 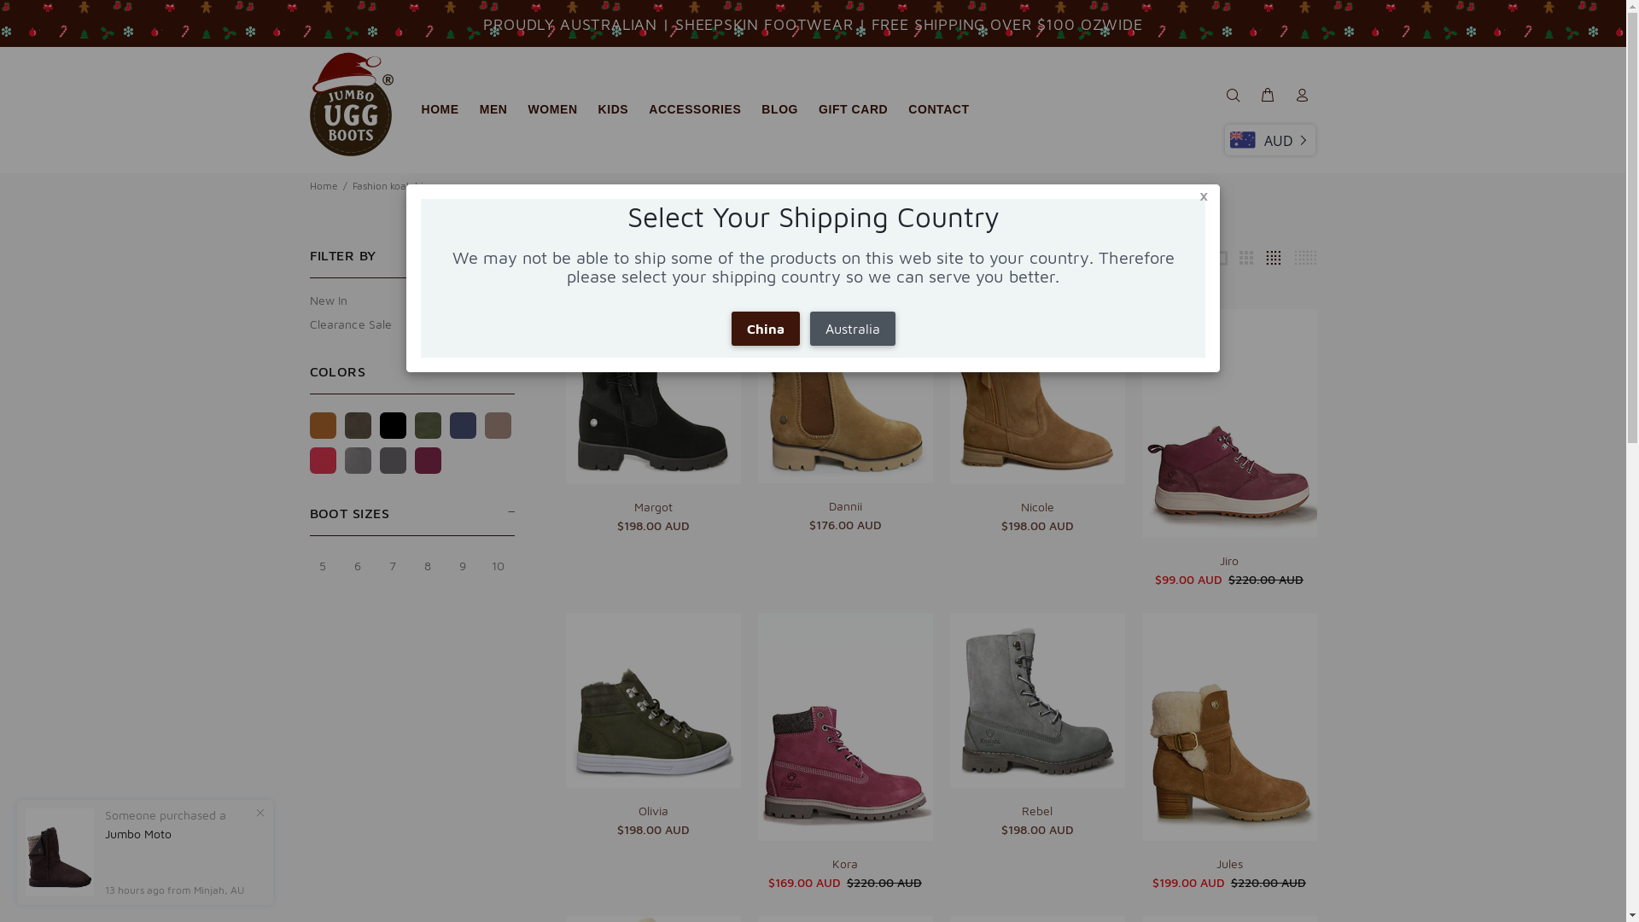 I want to click on '8', so click(x=414, y=566).